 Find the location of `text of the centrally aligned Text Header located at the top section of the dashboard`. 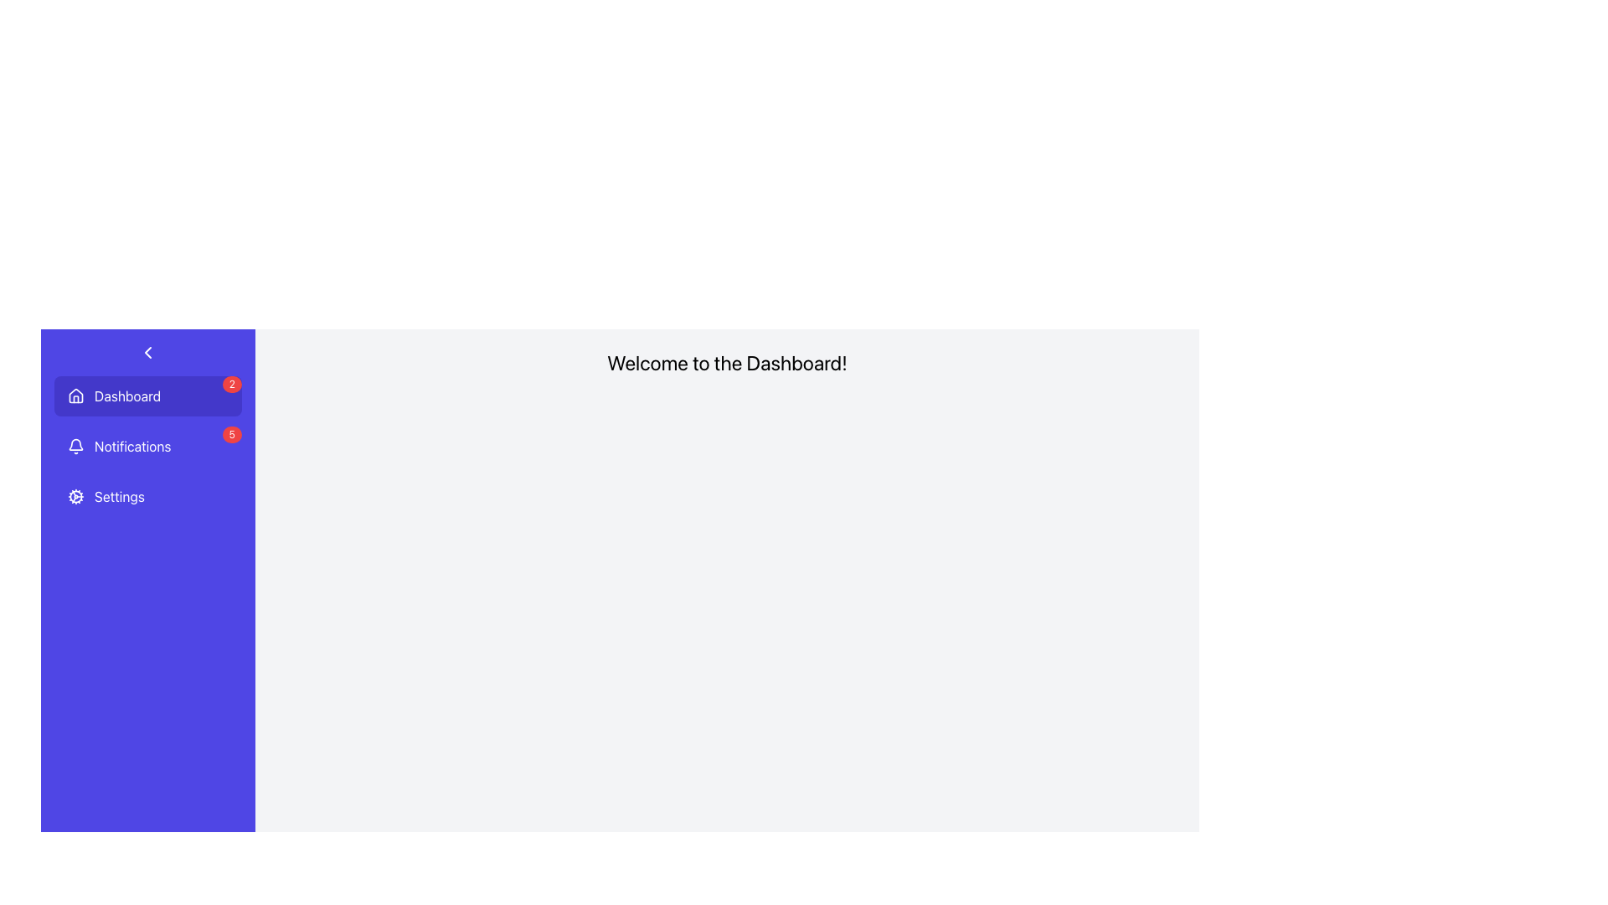

text of the centrally aligned Text Header located at the top section of the dashboard is located at coordinates (727, 361).